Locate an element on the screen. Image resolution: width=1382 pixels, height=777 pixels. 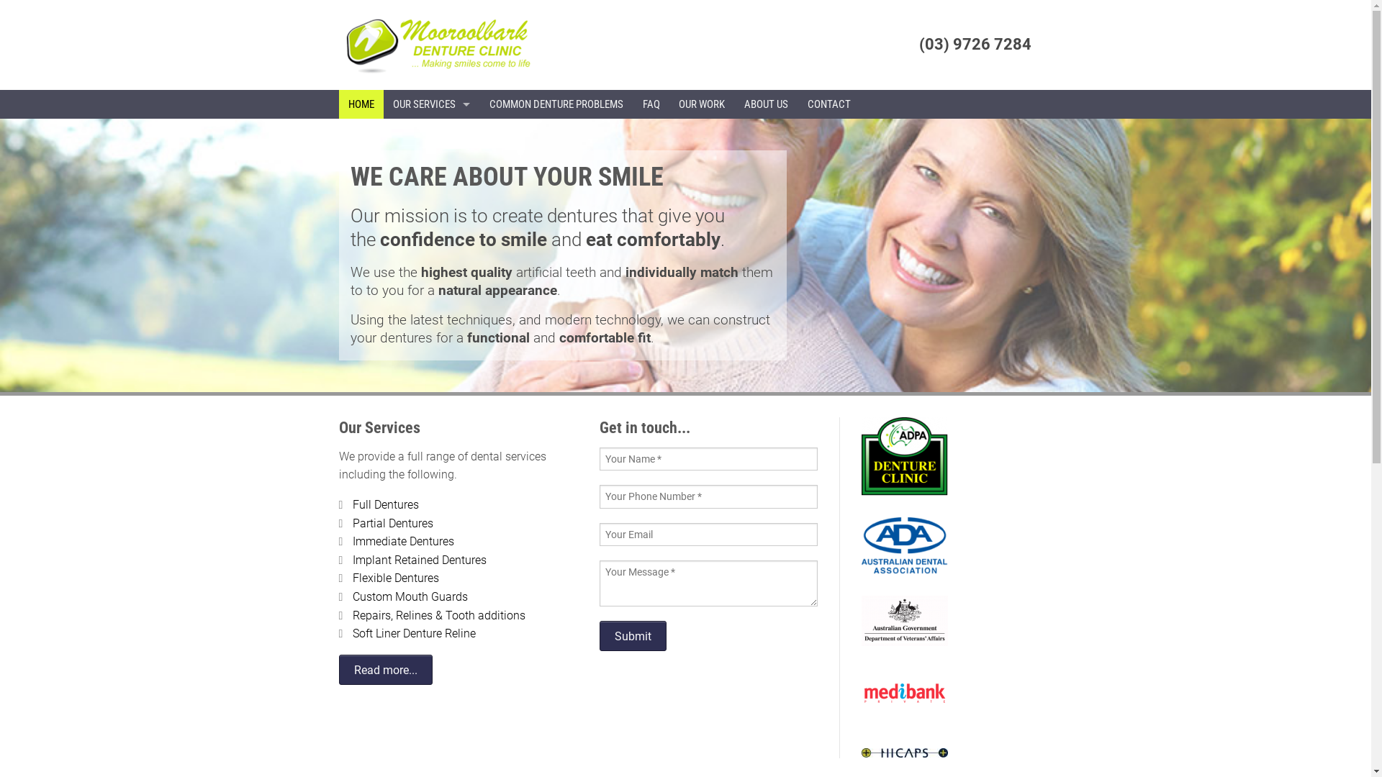
'CONTACT' is located at coordinates (797, 104).